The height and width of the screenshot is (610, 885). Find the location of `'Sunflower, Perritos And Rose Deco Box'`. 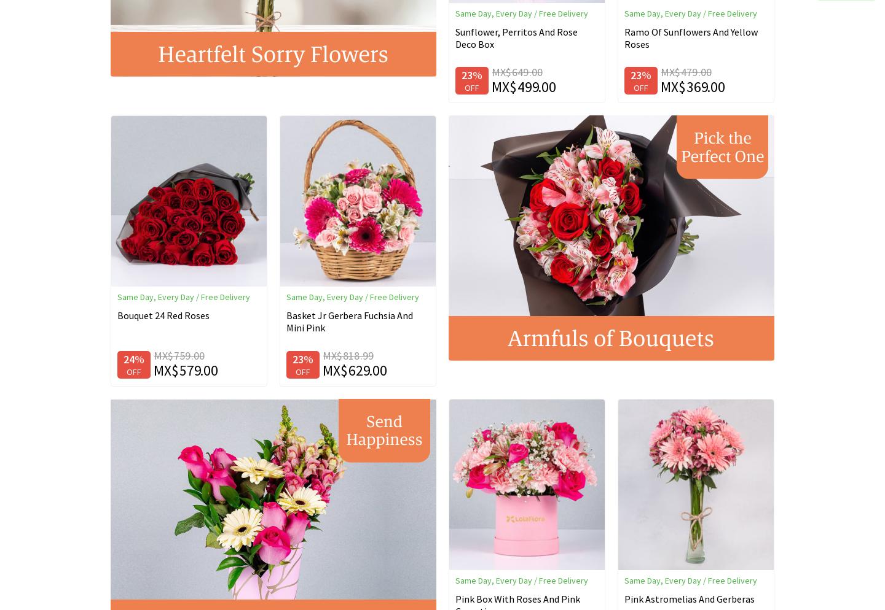

'Sunflower, Perritos And Rose Deco Box' is located at coordinates (516, 37).